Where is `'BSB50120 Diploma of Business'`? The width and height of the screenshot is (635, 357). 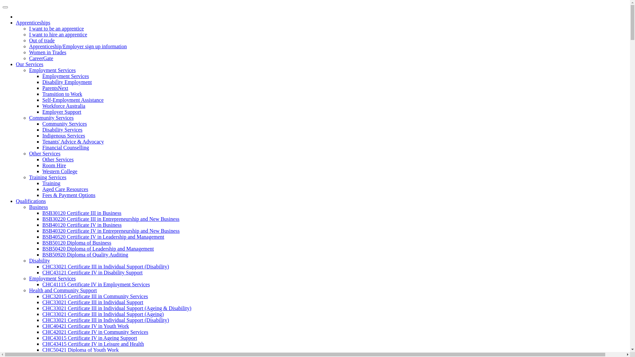 'BSB50120 Diploma of Business' is located at coordinates (76, 243).